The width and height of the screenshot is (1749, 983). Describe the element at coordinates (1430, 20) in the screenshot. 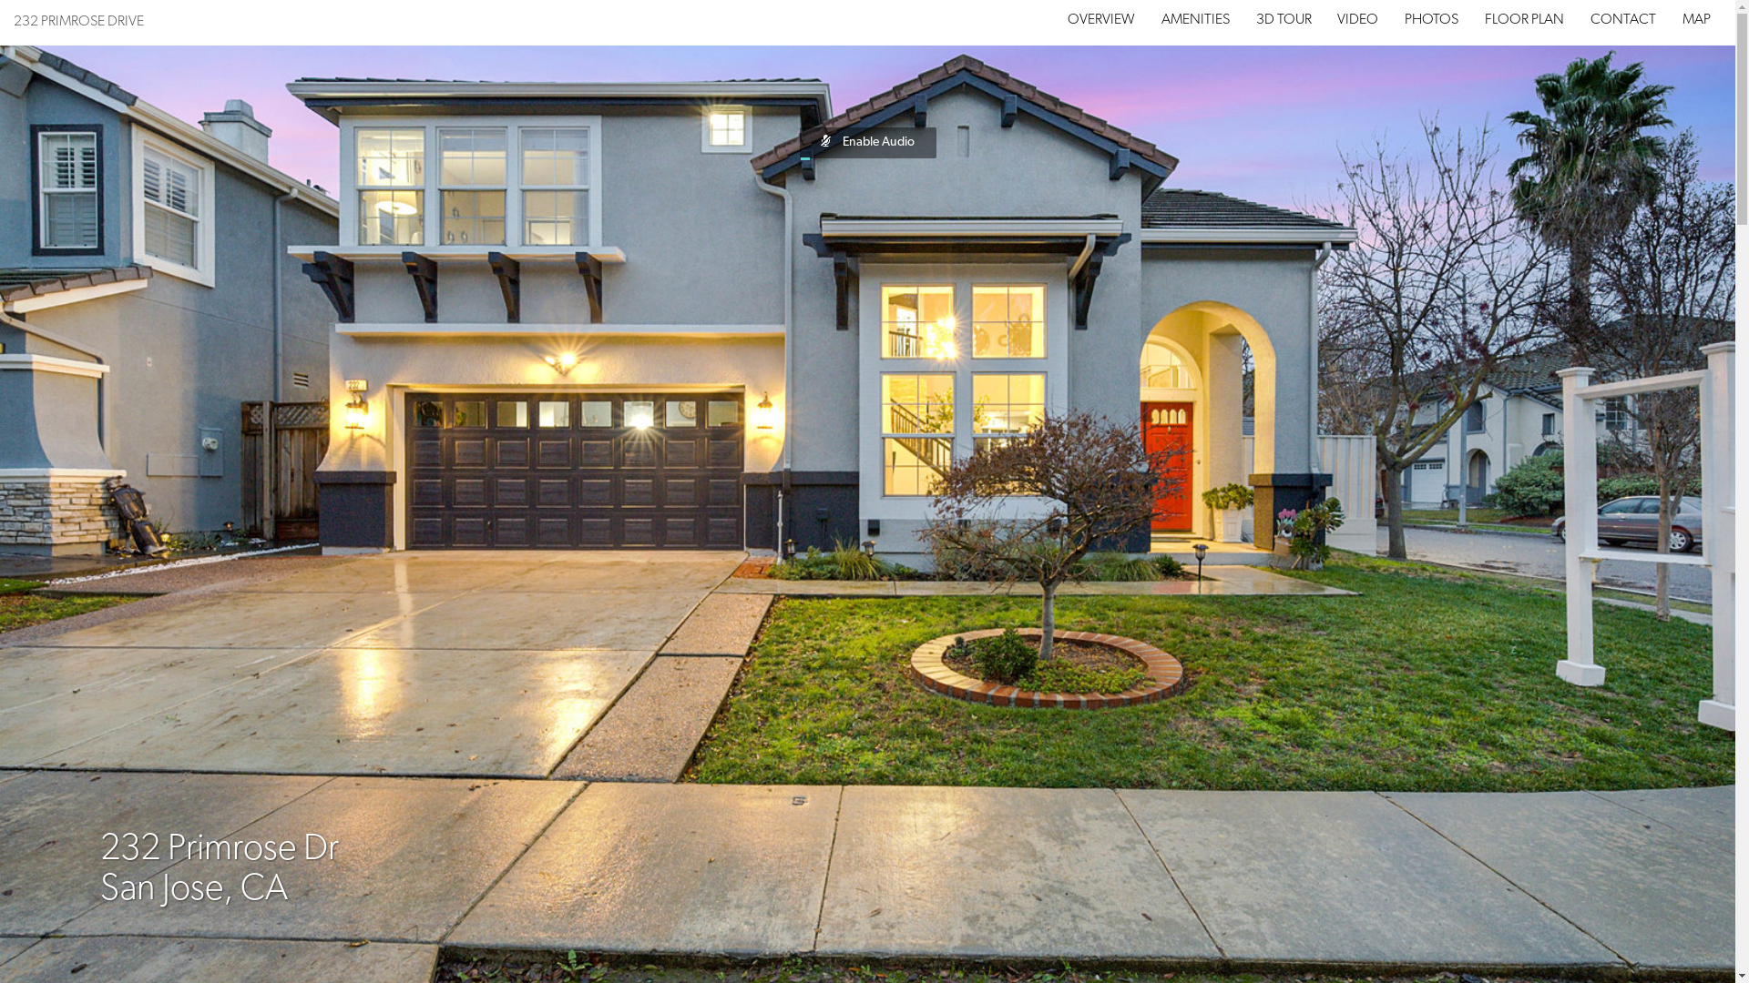

I see `'PHOTOS'` at that location.